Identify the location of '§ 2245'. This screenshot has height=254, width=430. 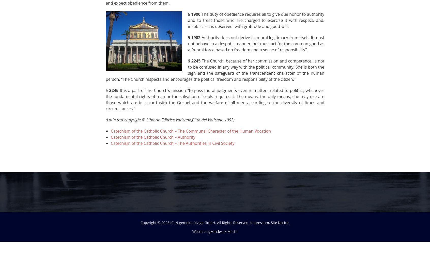
(194, 61).